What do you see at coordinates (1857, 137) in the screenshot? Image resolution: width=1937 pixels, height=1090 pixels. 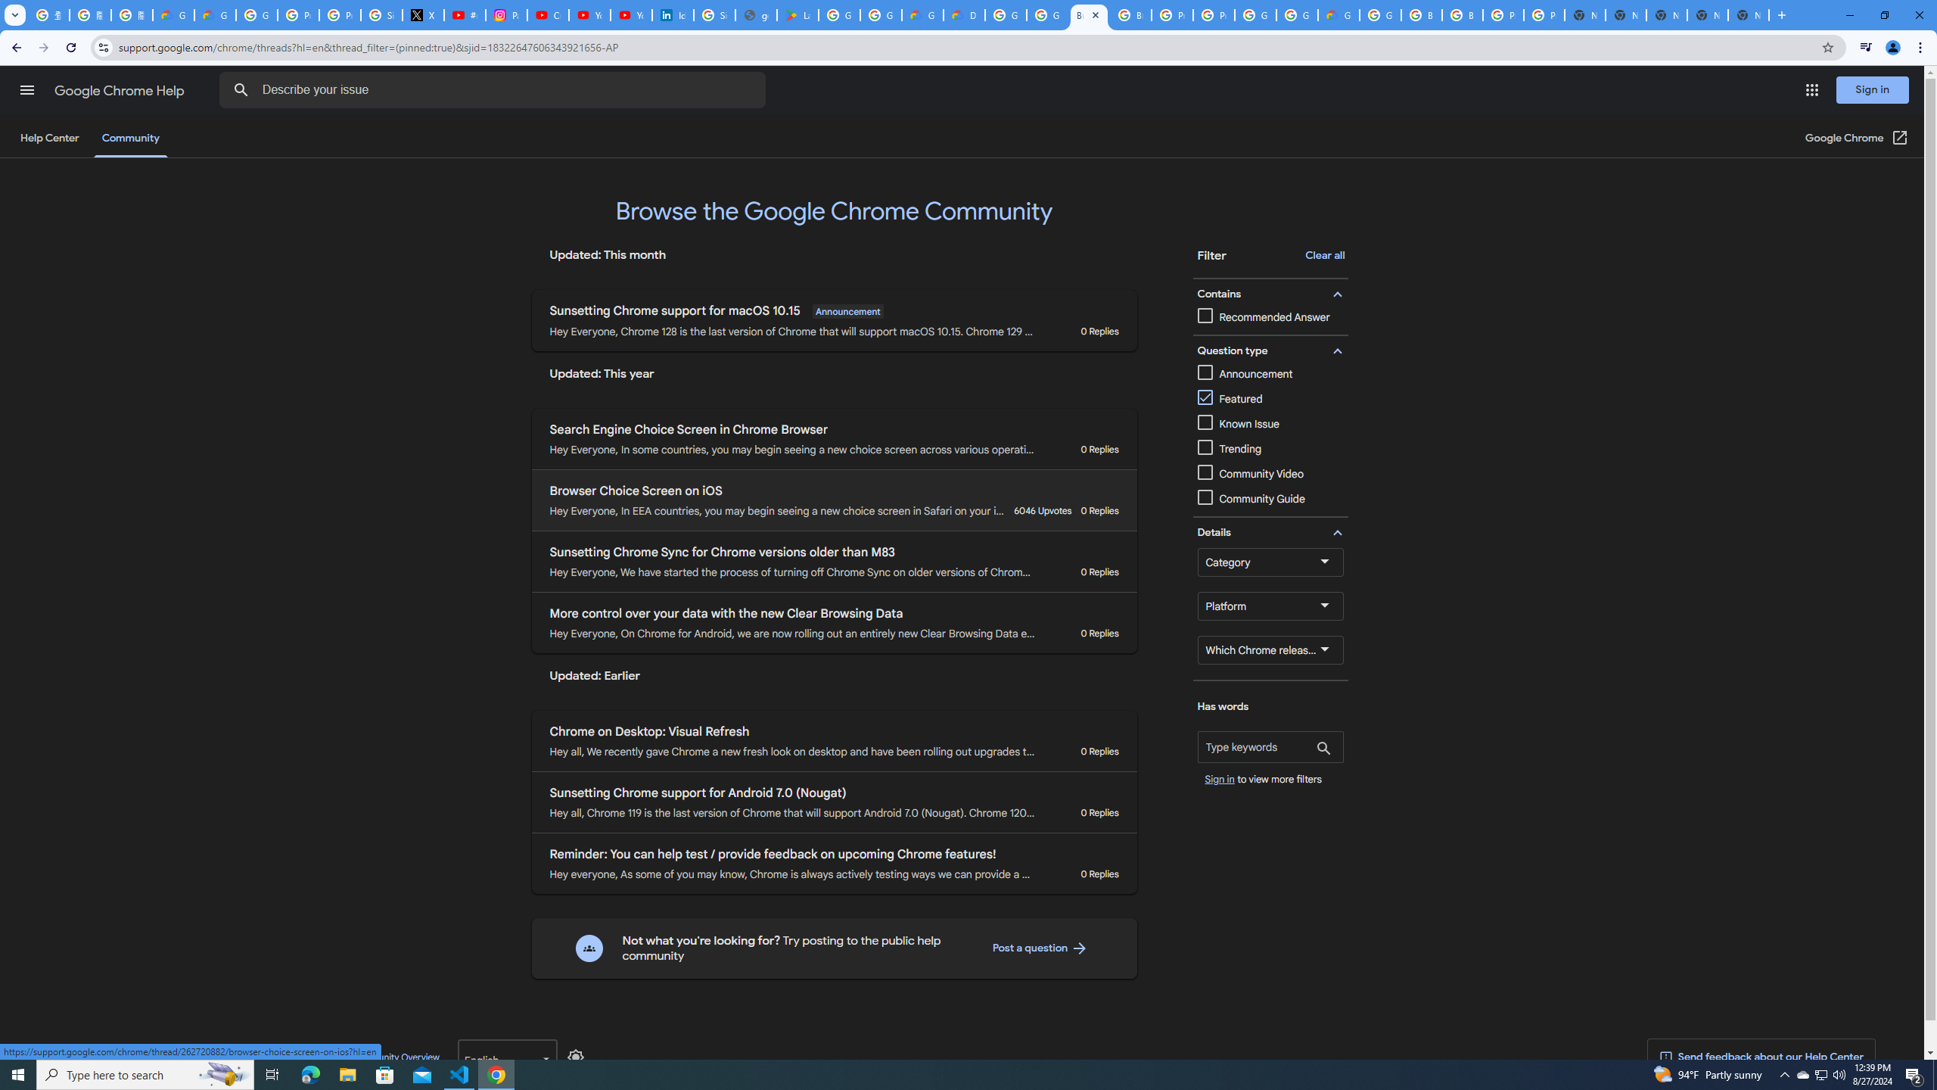 I see `'Google Chrome (Open in a new window)'` at bounding box center [1857, 137].